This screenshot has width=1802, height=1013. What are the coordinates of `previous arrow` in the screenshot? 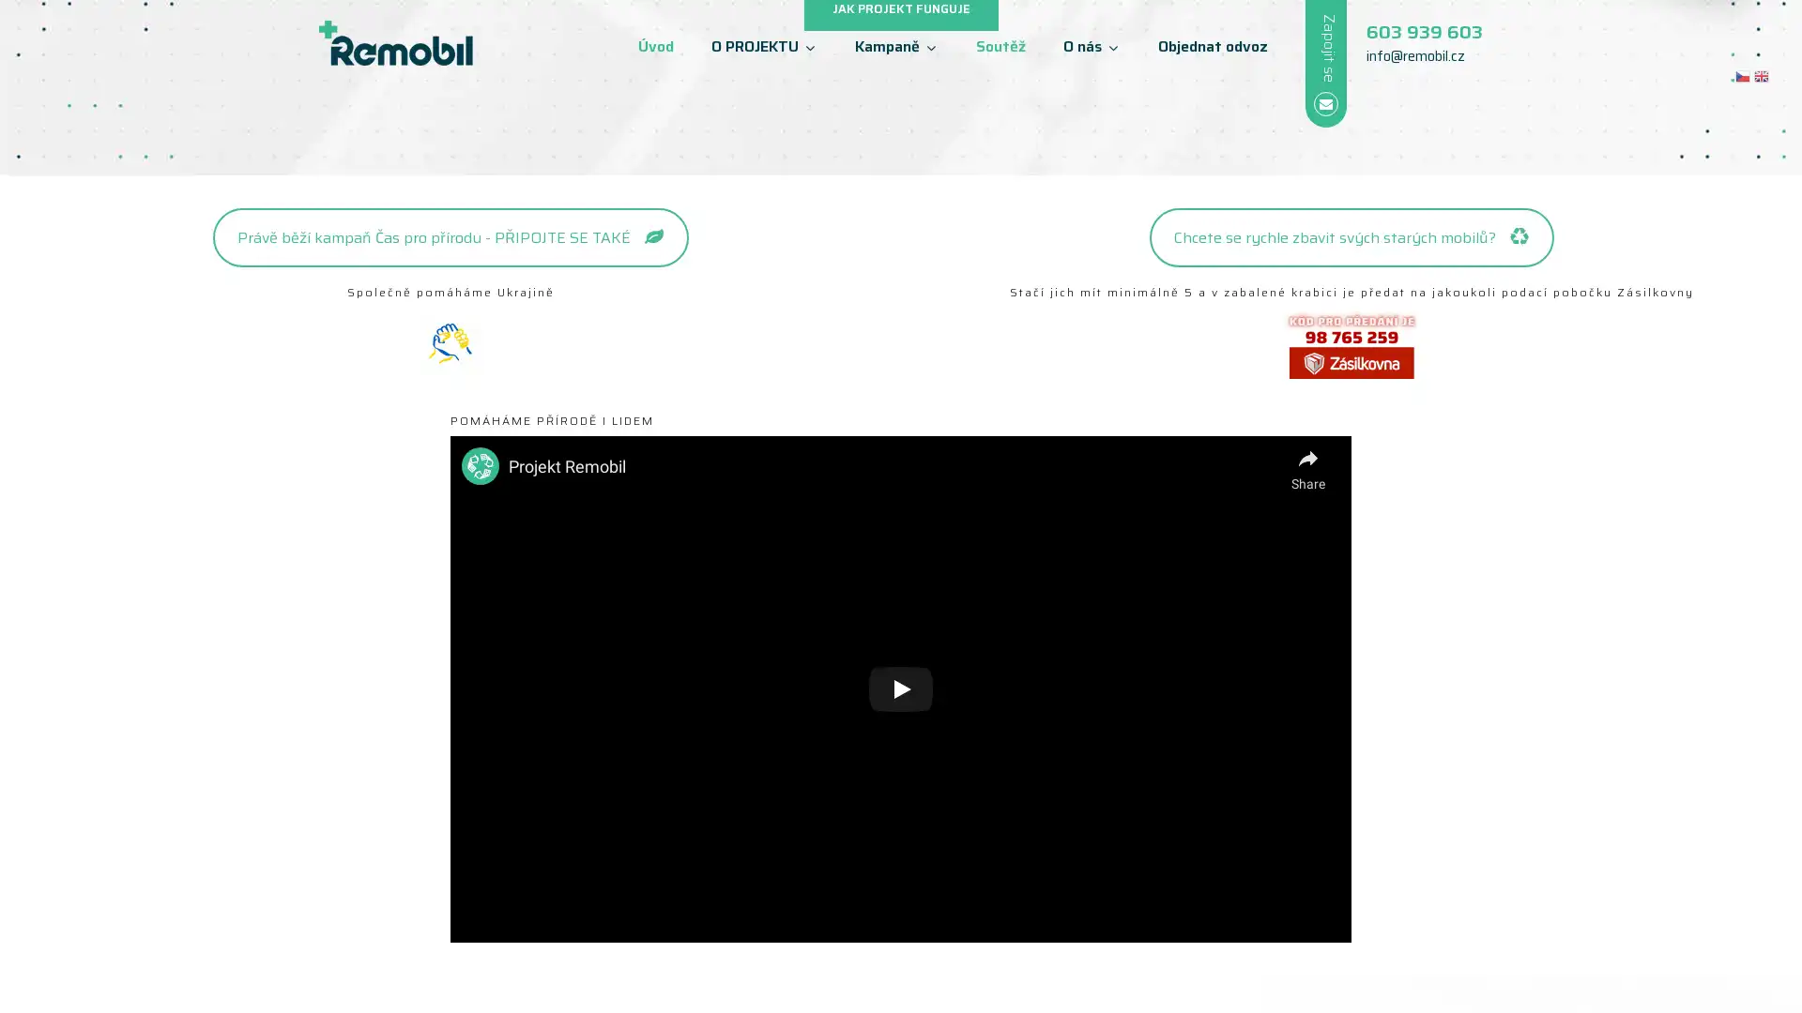 It's located at (48, 303).